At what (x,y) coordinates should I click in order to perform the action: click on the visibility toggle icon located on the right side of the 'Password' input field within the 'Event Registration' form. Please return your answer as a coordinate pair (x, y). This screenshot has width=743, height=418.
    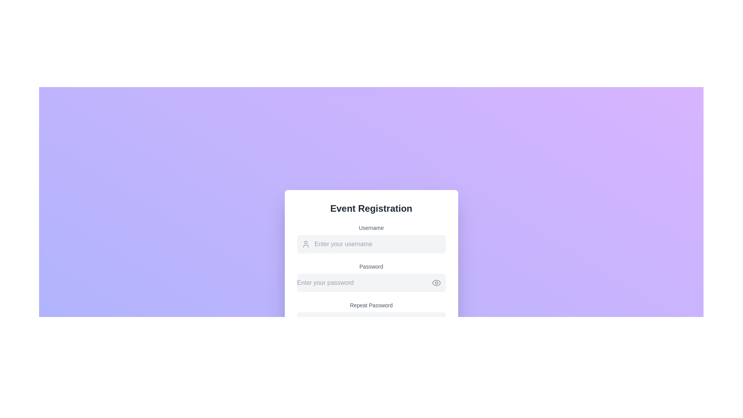
    Looking at the image, I should click on (436, 283).